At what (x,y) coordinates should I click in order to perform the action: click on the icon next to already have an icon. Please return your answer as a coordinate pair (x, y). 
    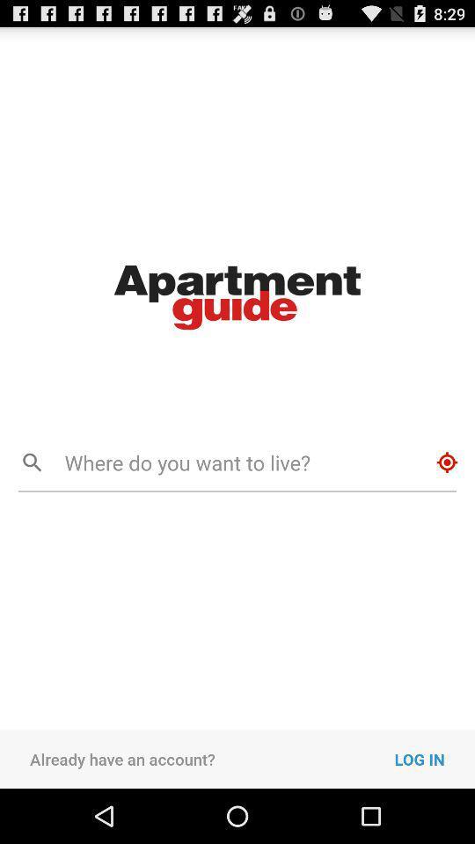
    Looking at the image, I should click on (434, 758).